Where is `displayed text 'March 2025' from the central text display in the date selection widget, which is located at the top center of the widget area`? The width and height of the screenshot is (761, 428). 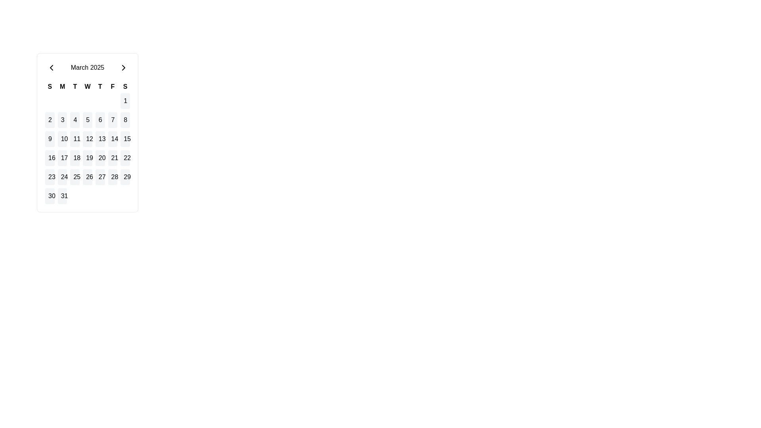 displayed text 'March 2025' from the central text display in the date selection widget, which is located at the top center of the widget area is located at coordinates (87, 67).